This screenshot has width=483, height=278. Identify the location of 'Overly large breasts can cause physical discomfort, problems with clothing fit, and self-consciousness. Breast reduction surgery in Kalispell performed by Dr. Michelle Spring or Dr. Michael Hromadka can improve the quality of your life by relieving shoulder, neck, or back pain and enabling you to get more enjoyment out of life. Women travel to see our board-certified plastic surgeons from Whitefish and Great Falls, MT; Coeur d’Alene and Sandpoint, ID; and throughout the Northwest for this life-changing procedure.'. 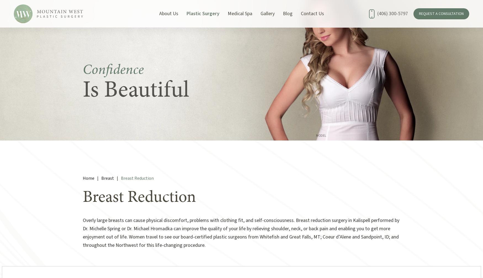
(241, 232).